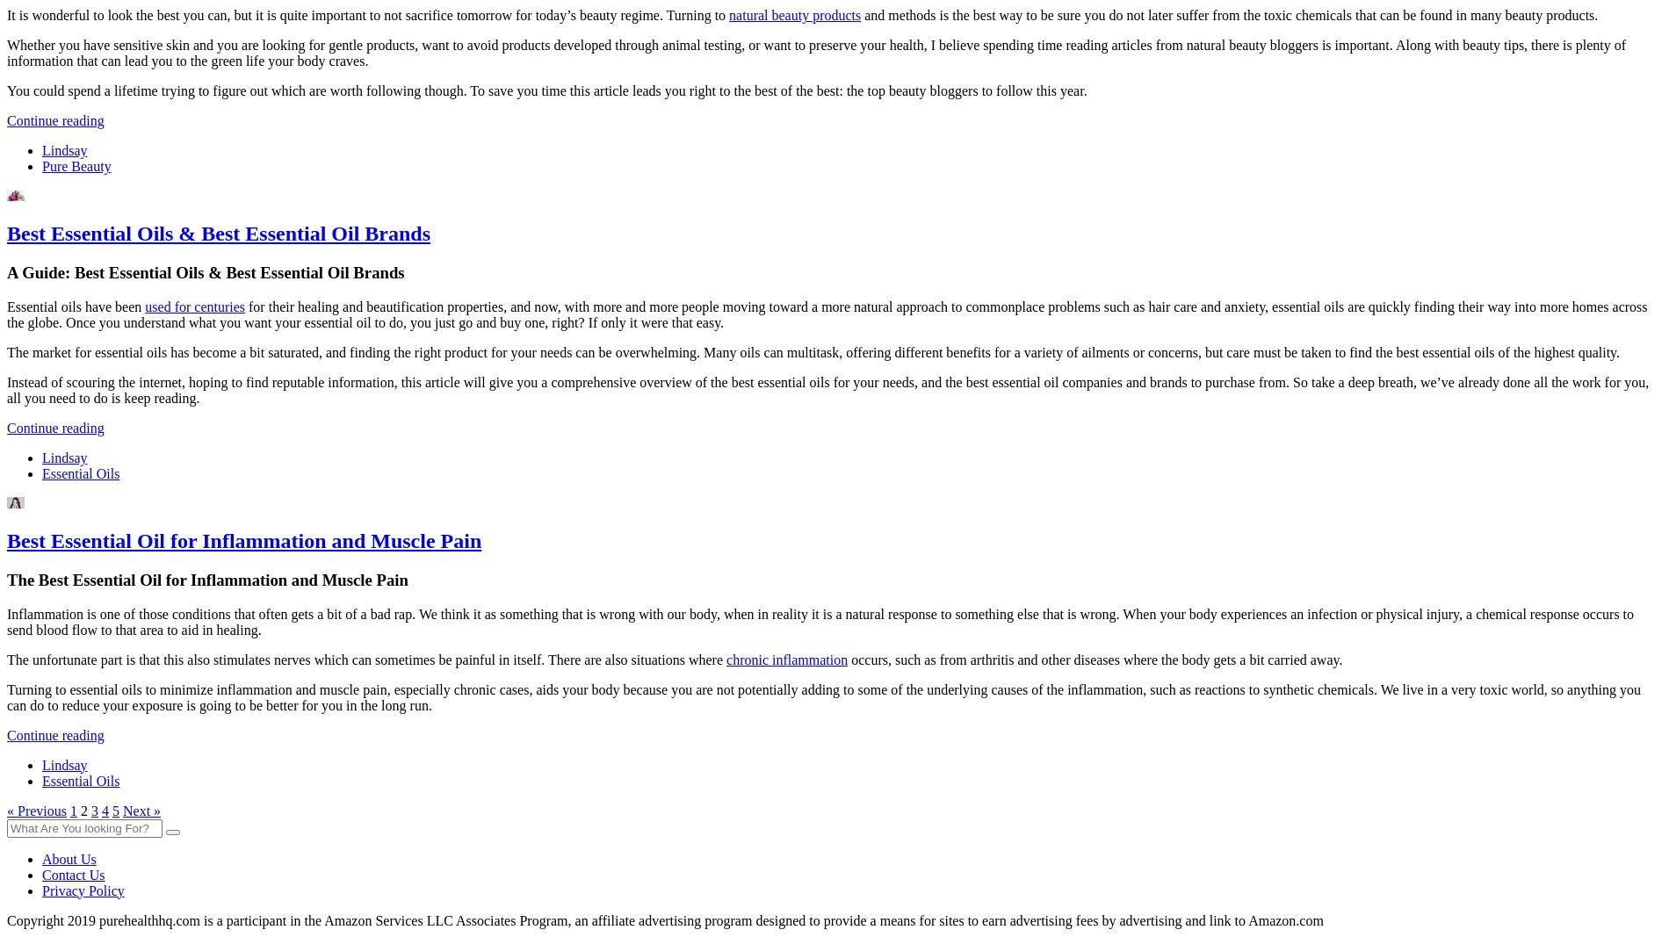 This screenshot has height=937, width=1669. What do you see at coordinates (793, 14) in the screenshot?
I see `'natural beauty products'` at bounding box center [793, 14].